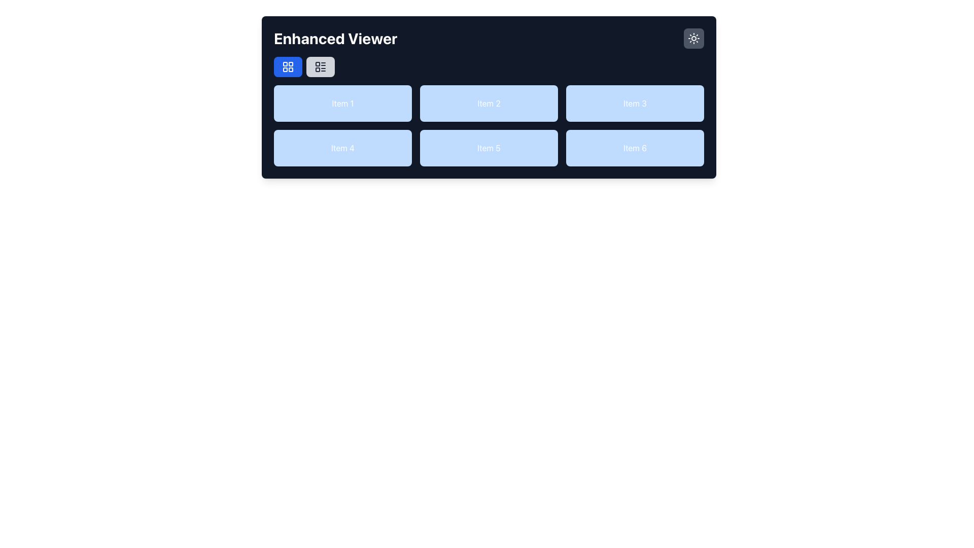 The width and height of the screenshot is (974, 548). Describe the element at coordinates (320, 66) in the screenshot. I see `the rectangular button with rounded corners and a gray background that contains a list layout icon, located in the toolbar section at the top of the interface` at that location.